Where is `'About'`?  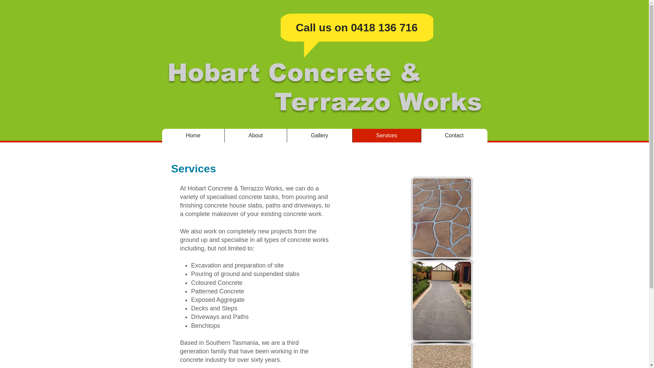 'About' is located at coordinates (255, 135).